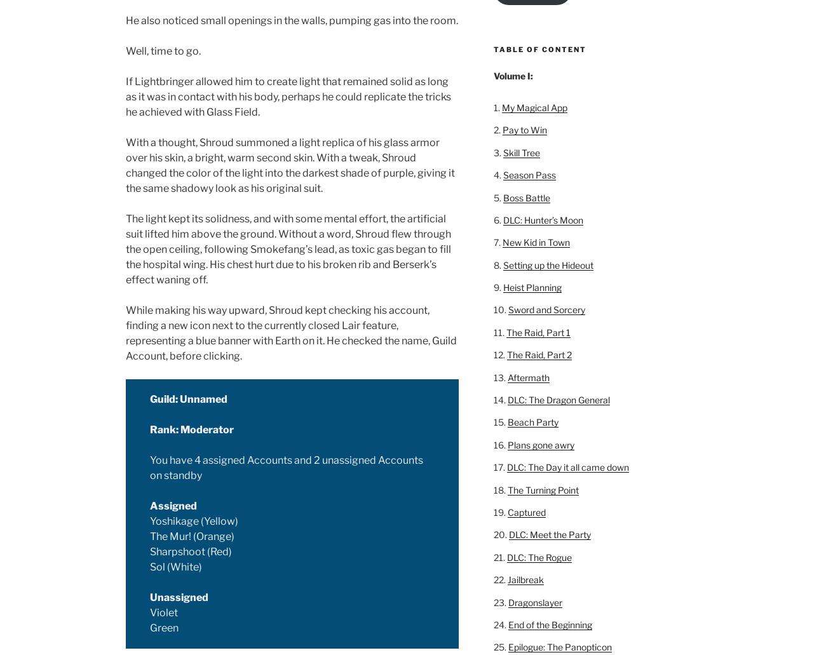 This screenshot has height=655, width=826. I want to click on 'While making his way upward, Shroud kept checking his account, finding a new icon next to the currently closed Lair feature, representing a blue banner with Earth on it. He checked the name, Guild Account, before clicking.', so click(290, 332).